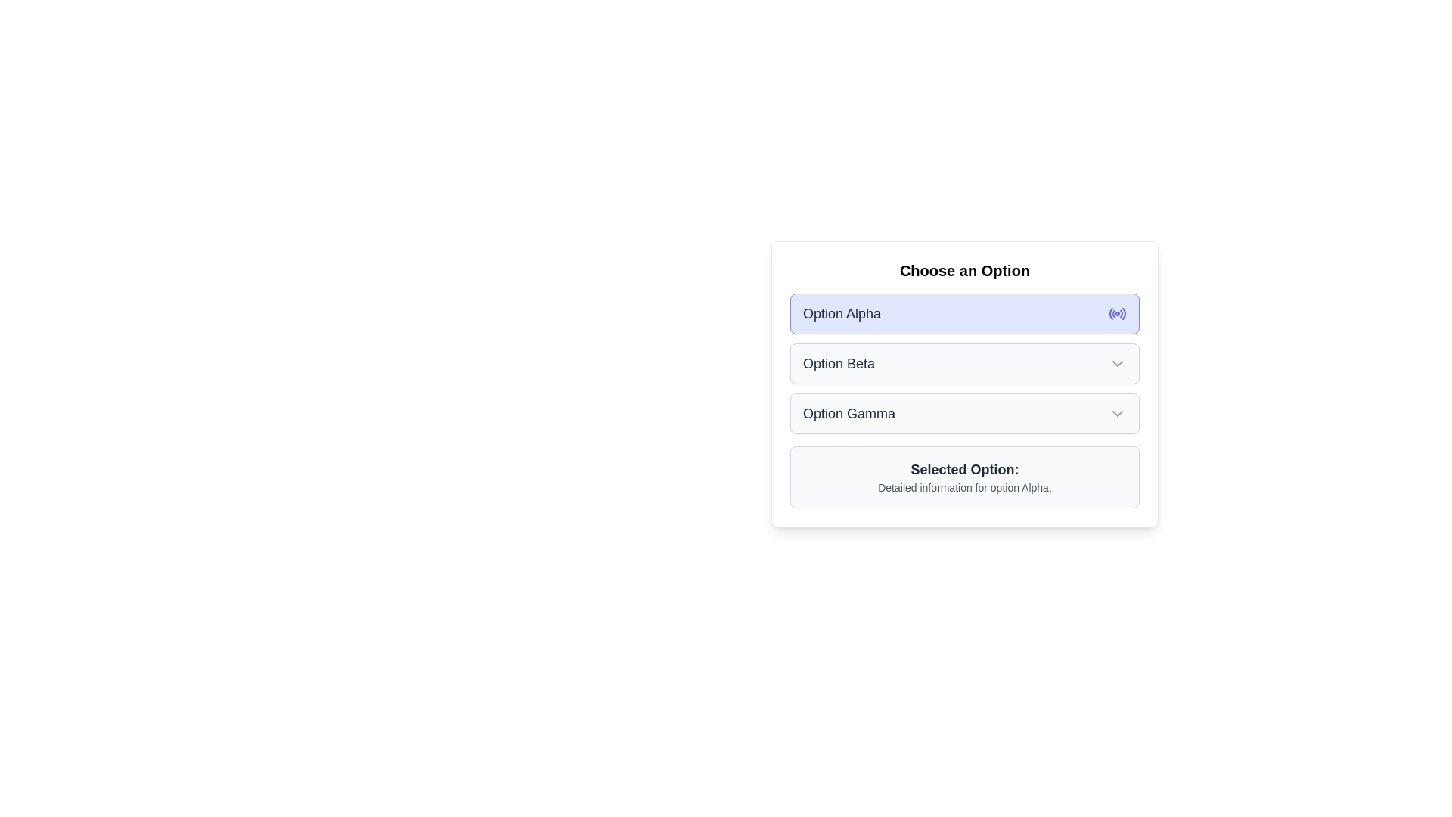 The image size is (1452, 817). Describe the element at coordinates (964, 270) in the screenshot. I see `the static text element that serves as a heading or title for the options below it in the card layout` at that location.